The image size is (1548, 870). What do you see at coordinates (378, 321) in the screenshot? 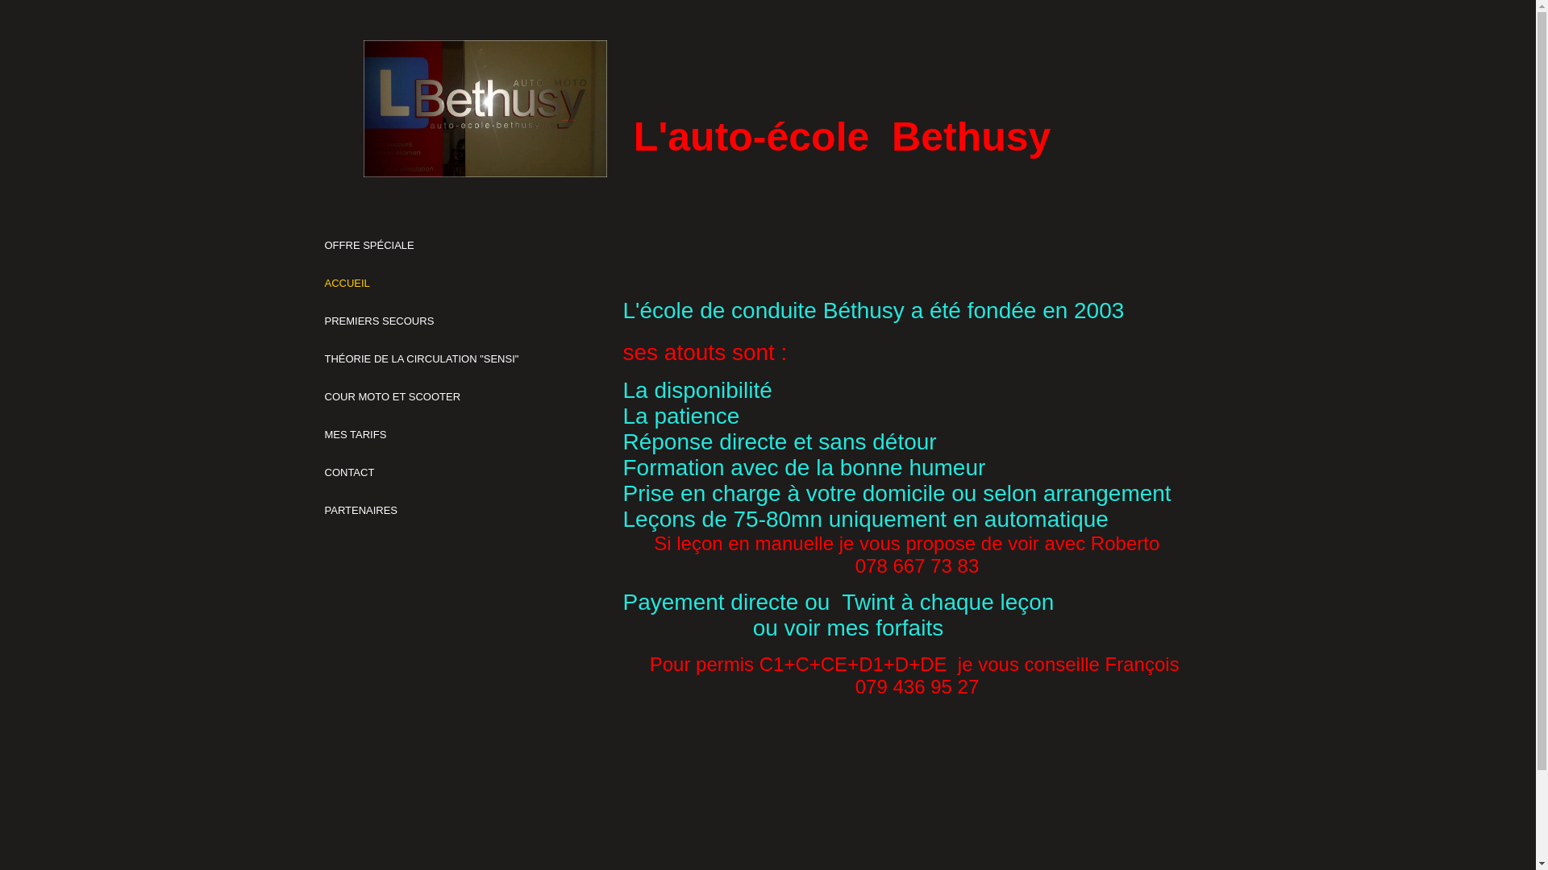
I see `'PREMIERS SECOURS'` at bounding box center [378, 321].